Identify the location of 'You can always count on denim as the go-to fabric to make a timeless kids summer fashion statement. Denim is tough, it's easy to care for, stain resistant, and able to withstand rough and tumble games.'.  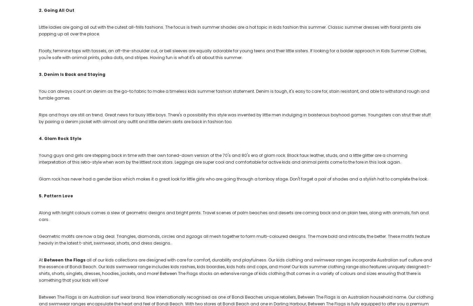
(234, 94).